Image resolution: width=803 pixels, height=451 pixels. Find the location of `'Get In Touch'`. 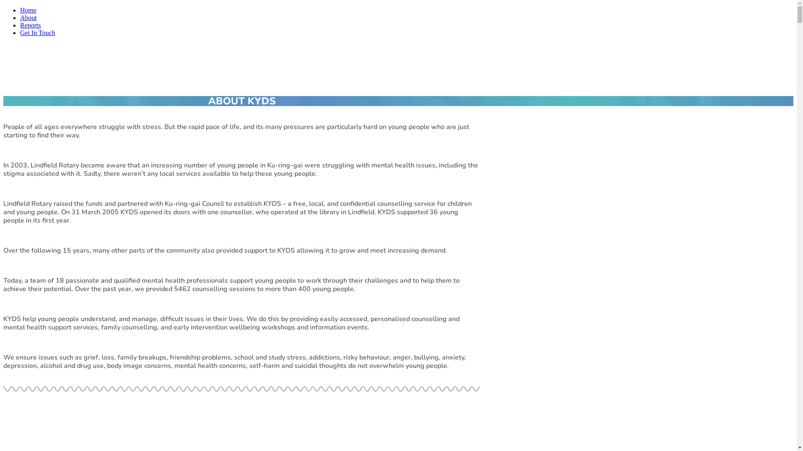

'Get In Touch' is located at coordinates (37, 32).